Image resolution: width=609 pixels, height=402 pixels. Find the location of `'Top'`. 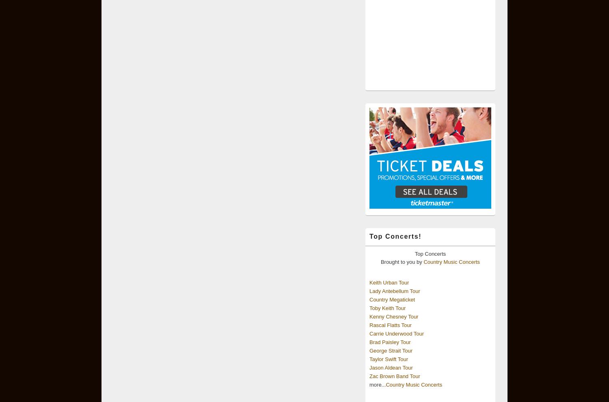

'Top' is located at coordinates (419, 253).